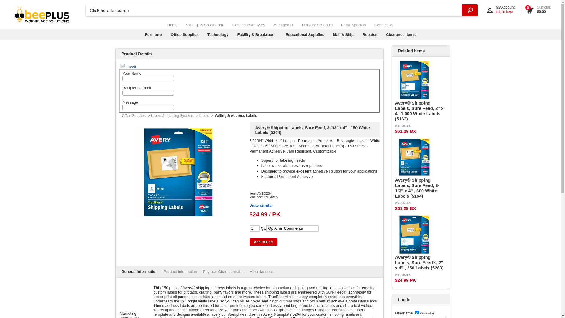 The height and width of the screenshot is (318, 565). I want to click on 'Email', so click(127, 67).